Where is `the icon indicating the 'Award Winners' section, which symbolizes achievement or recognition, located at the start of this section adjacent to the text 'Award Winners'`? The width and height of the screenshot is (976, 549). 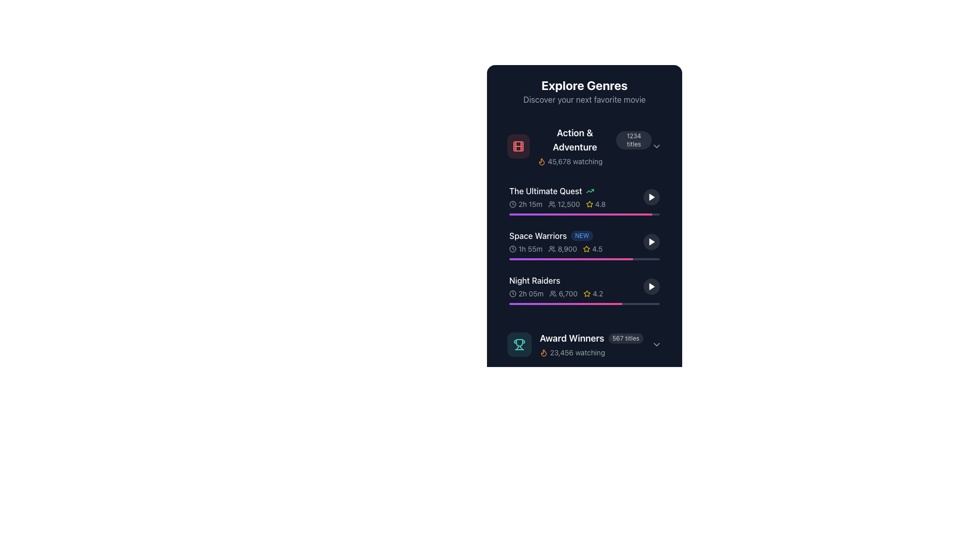
the icon indicating the 'Award Winners' section, which symbolizes achievement or recognition, located at the start of this section adjacent to the text 'Award Winners' is located at coordinates (520, 344).